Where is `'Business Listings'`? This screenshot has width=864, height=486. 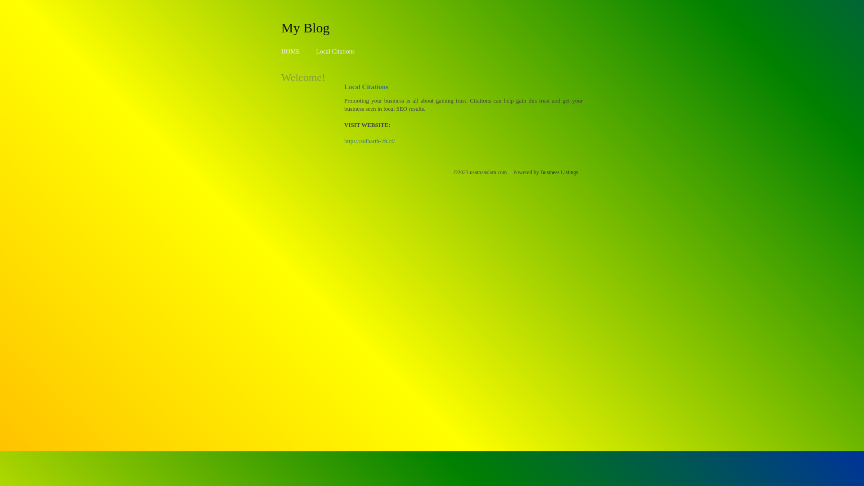 'Business Listings' is located at coordinates (559, 172).